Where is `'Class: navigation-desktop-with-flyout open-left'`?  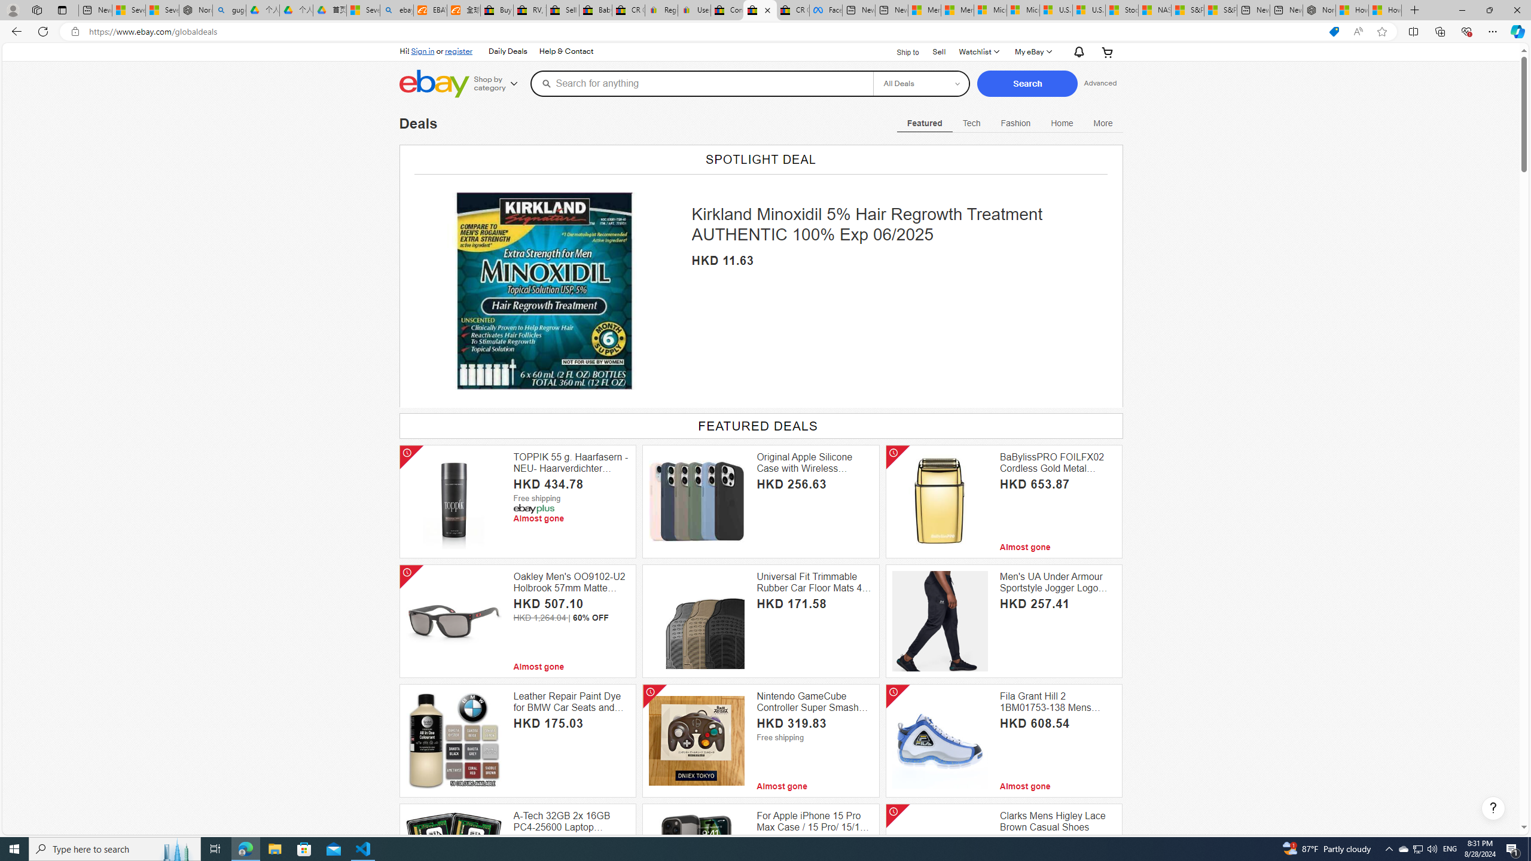 'Class: navigation-desktop-with-flyout open-left' is located at coordinates (1102, 121).